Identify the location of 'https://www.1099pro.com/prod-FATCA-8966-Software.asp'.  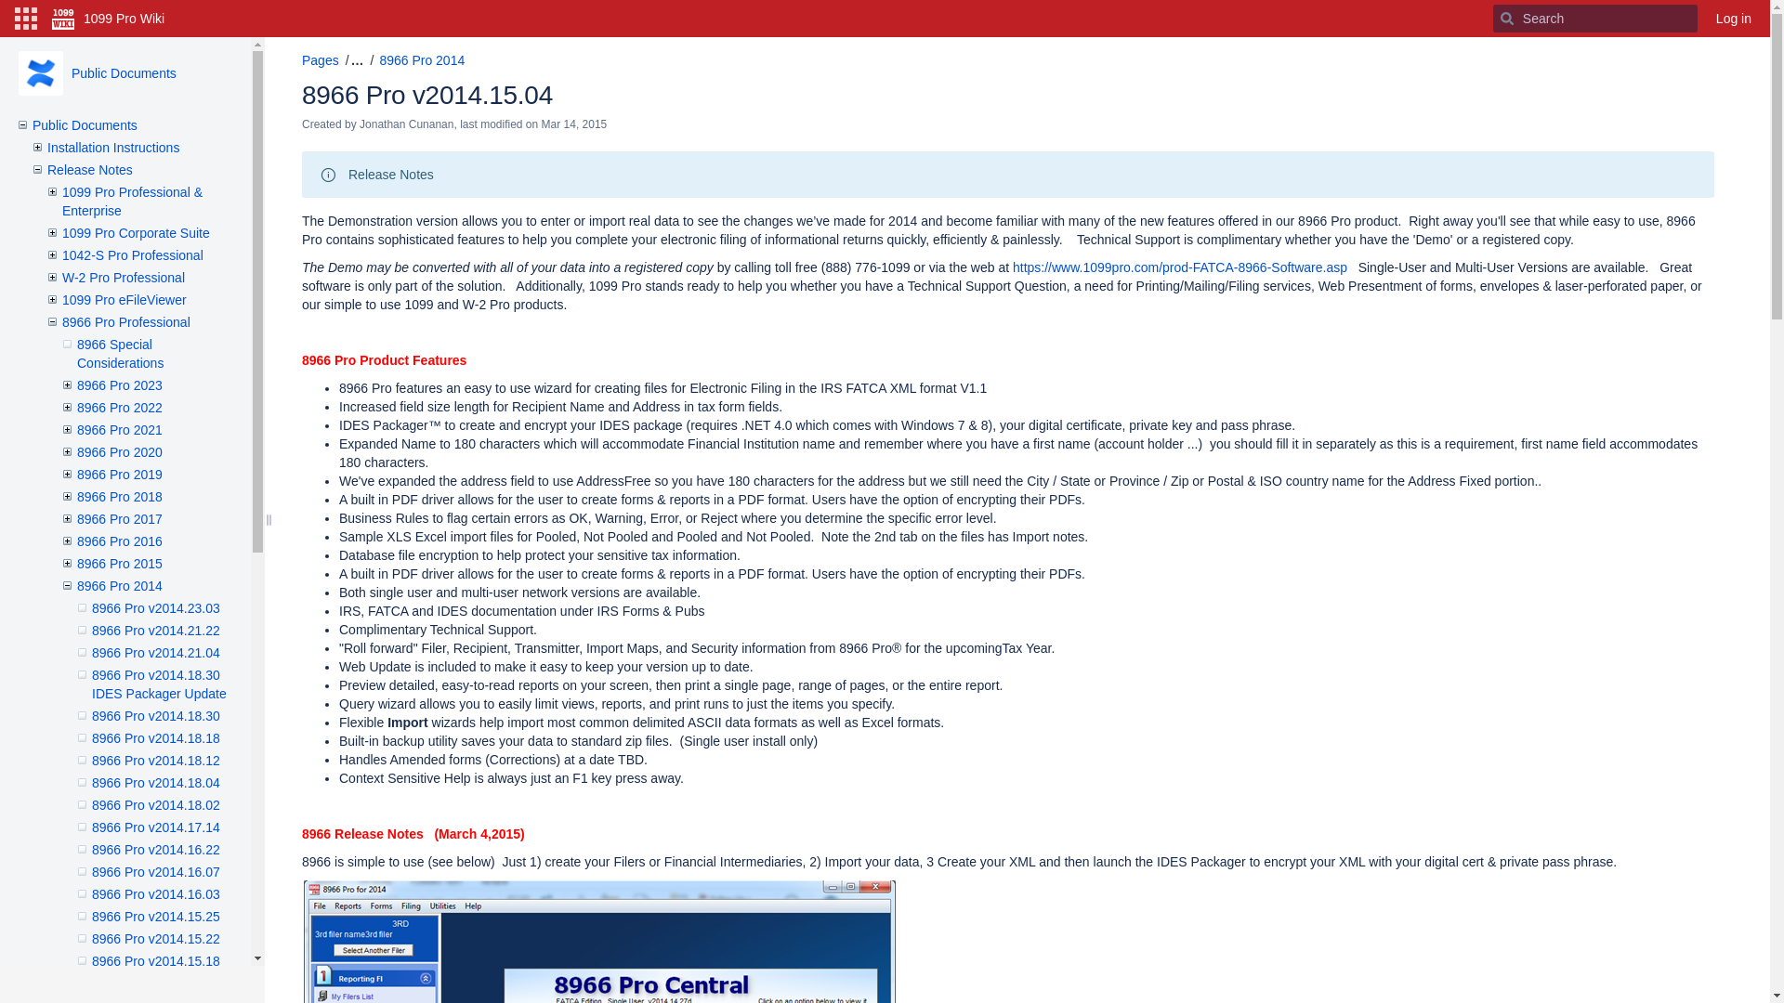
(1179, 267).